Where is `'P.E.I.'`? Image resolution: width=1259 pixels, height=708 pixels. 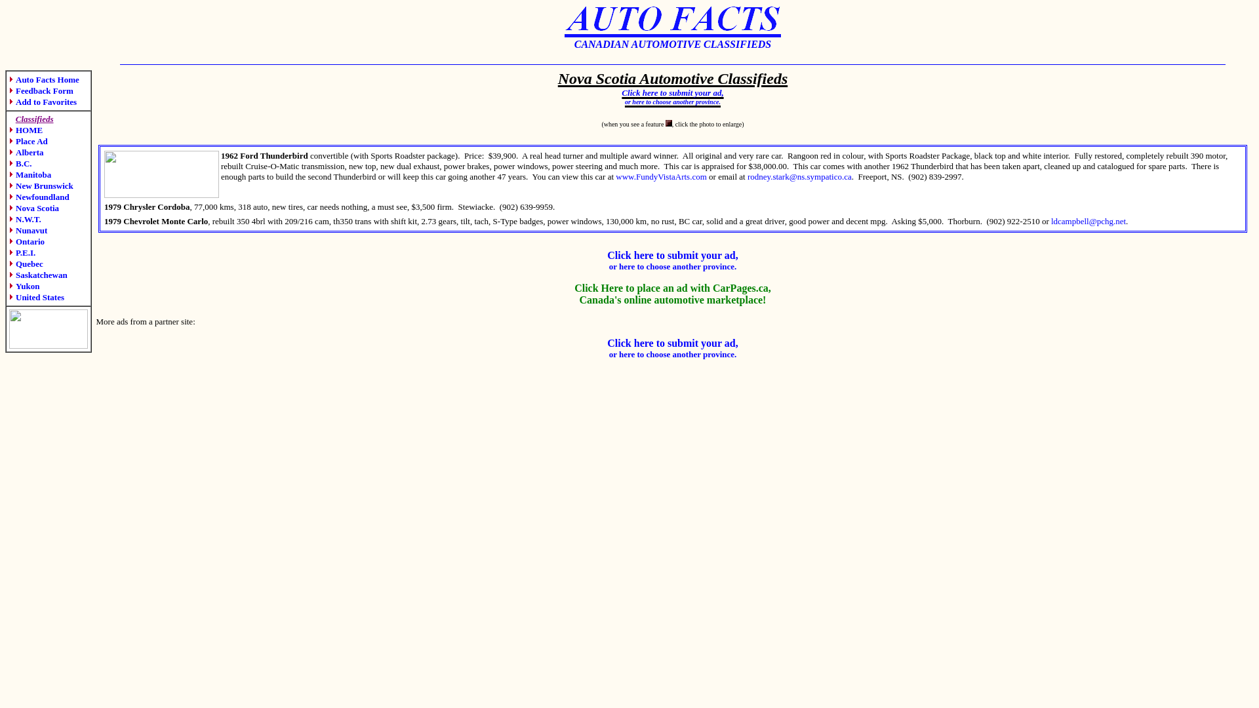
'P.E.I.' is located at coordinates (22, 252).